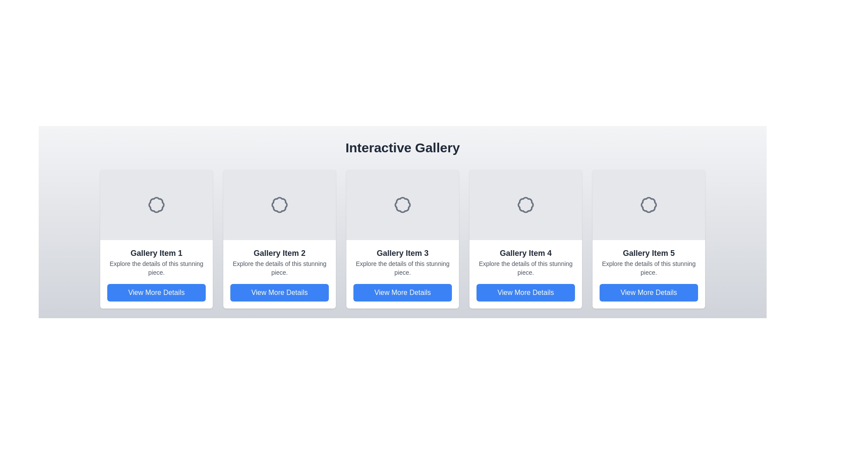  What do you see at coordinates (279, 205) in the screenshot?
I see `the Decorative Icon that represents the second gallery item, which is positioned in the upper section of the second item card in a horizontal gallery layout` at bounding box center [279, 205].